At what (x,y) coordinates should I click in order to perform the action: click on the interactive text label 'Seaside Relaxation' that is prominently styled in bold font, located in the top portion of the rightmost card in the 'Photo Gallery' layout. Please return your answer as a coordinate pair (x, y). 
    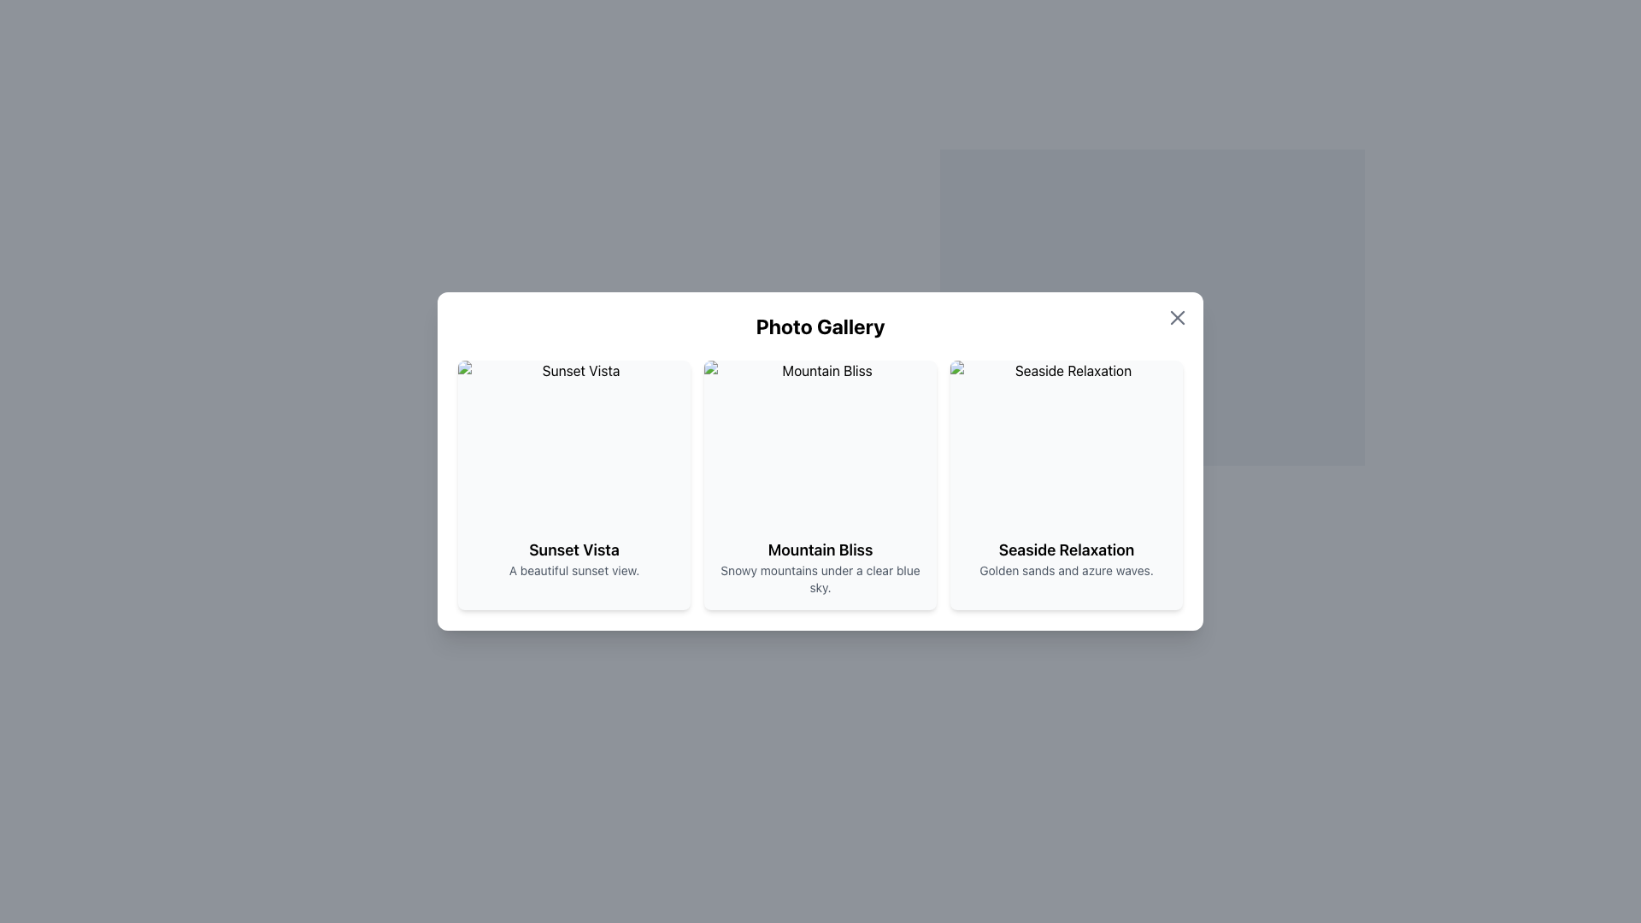
    Looking at the image, I should click on (1066, 550).